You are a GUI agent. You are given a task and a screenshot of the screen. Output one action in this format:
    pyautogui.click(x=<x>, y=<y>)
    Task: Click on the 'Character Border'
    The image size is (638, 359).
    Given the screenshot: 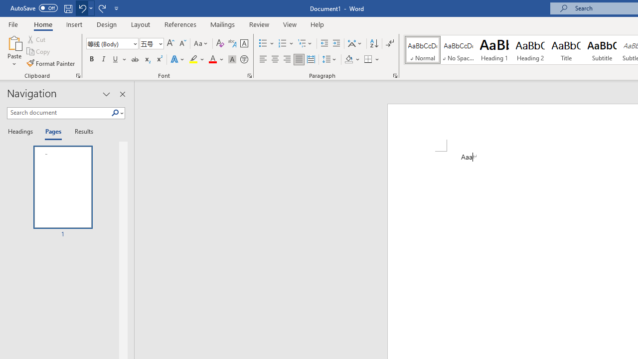 What is the action you would take?
    pyautogui.click(x=244, y=43)
    